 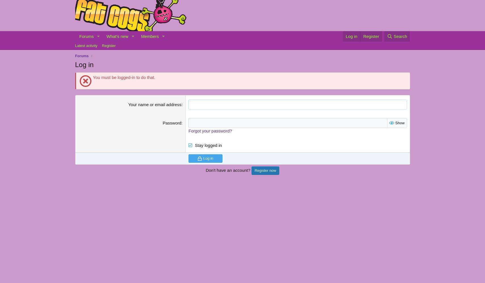 I want to click on 'Stay logged in', so click(x=208, y=145).